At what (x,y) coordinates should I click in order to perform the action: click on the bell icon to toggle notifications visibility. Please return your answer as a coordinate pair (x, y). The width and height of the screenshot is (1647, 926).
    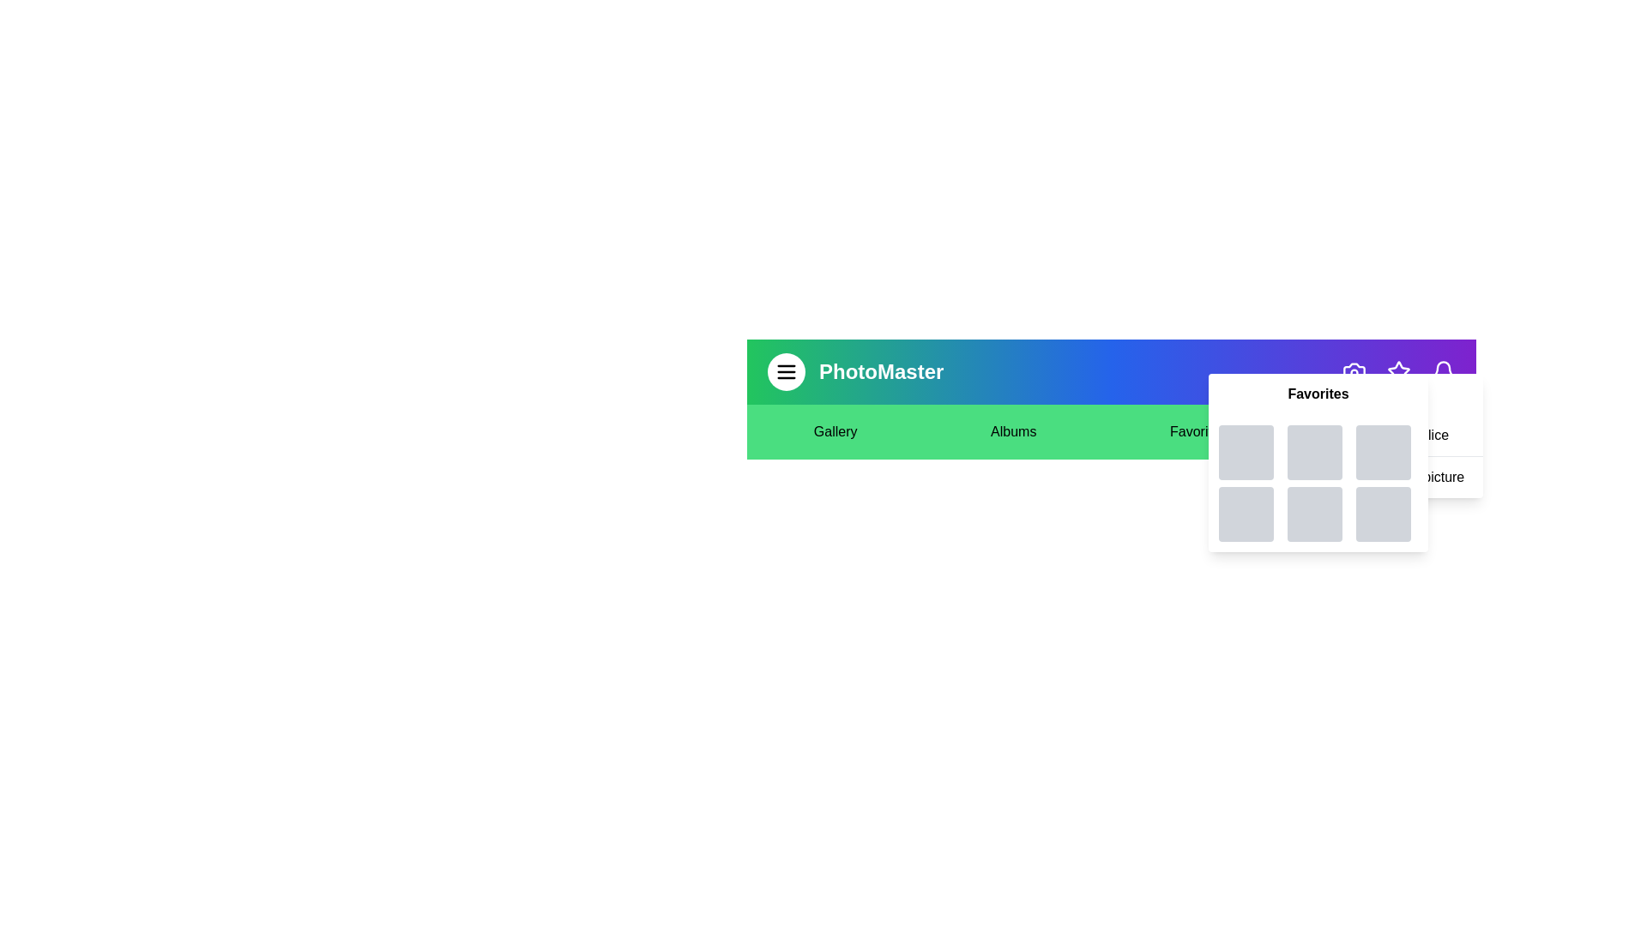
    Looking at the image, I should click on (1443, 371).